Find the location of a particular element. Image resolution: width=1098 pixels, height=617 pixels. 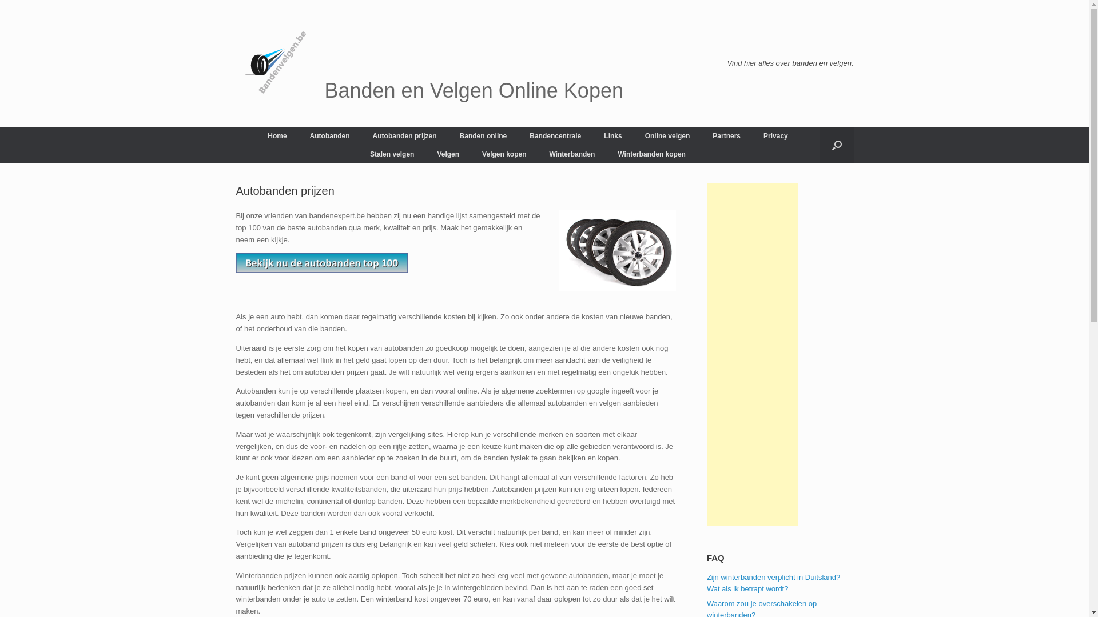

'Privacy' is located at coordinates (775, 135).